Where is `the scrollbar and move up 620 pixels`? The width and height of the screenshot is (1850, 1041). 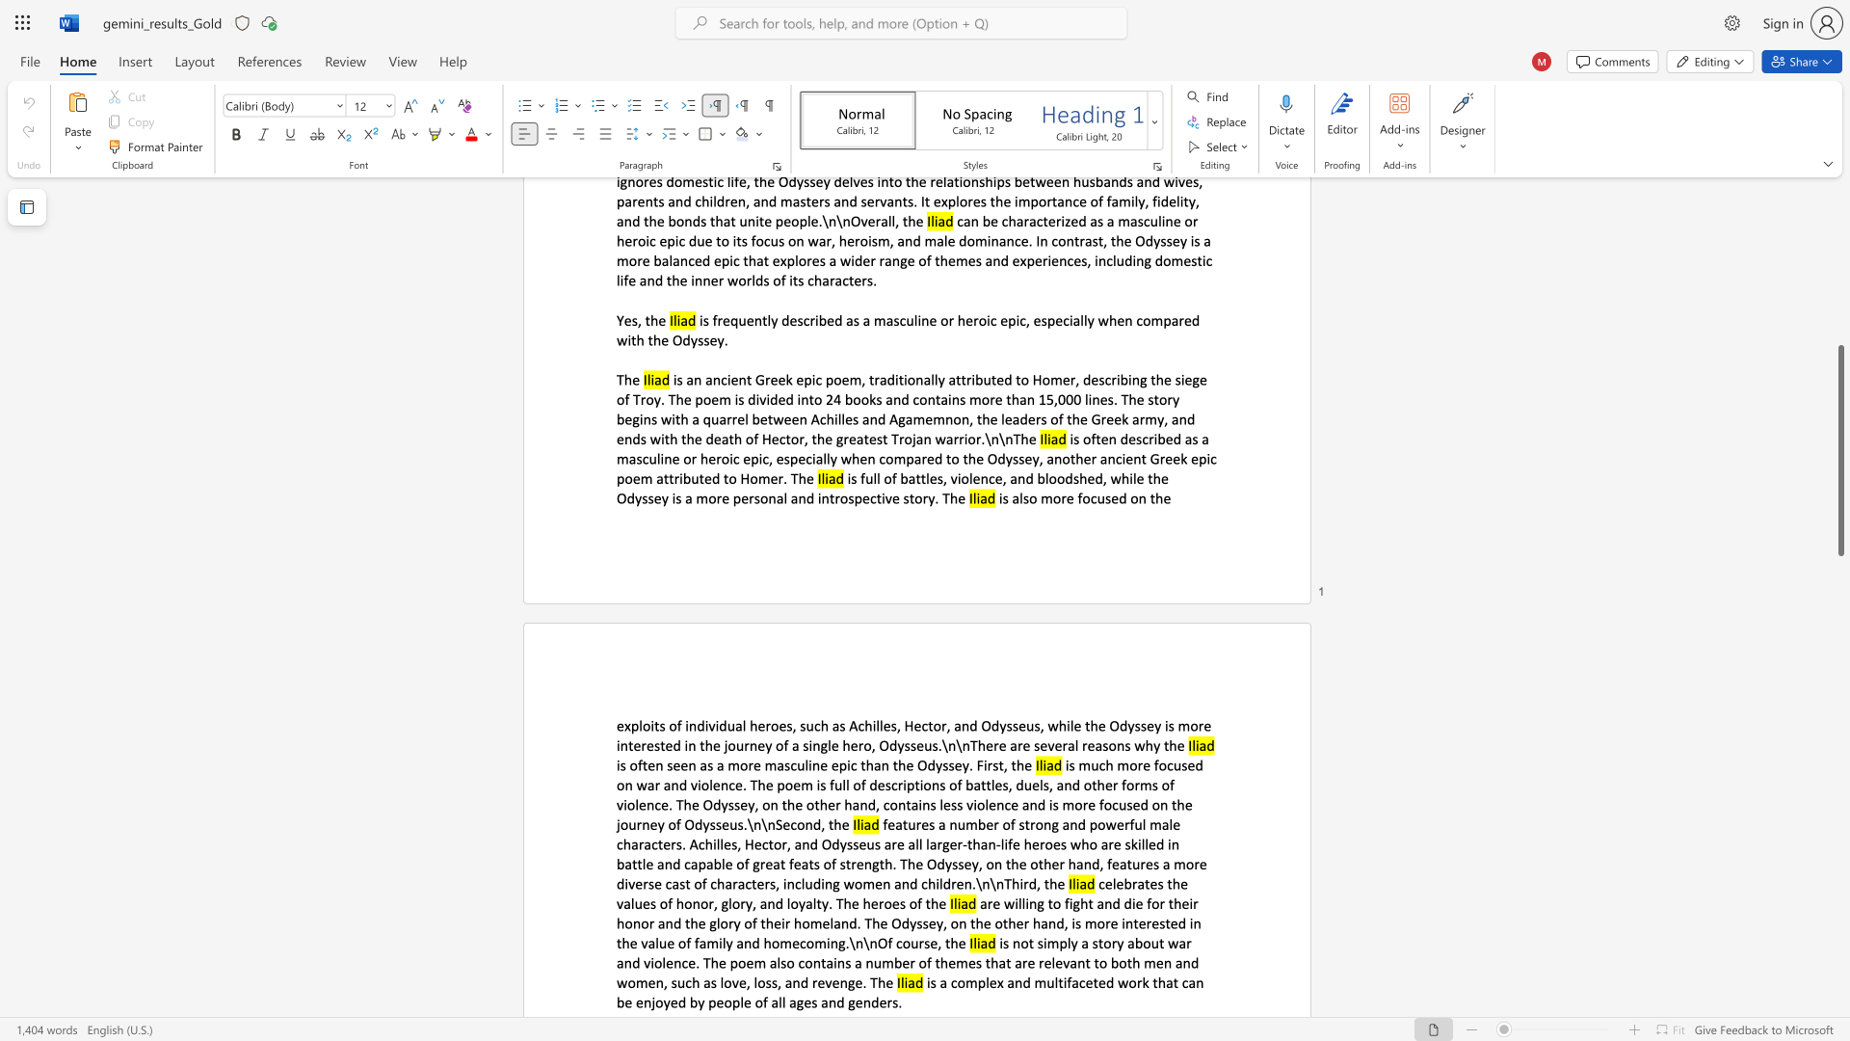 the scrollbar and move up 620 pixels is located at coordinates (1839, 450).